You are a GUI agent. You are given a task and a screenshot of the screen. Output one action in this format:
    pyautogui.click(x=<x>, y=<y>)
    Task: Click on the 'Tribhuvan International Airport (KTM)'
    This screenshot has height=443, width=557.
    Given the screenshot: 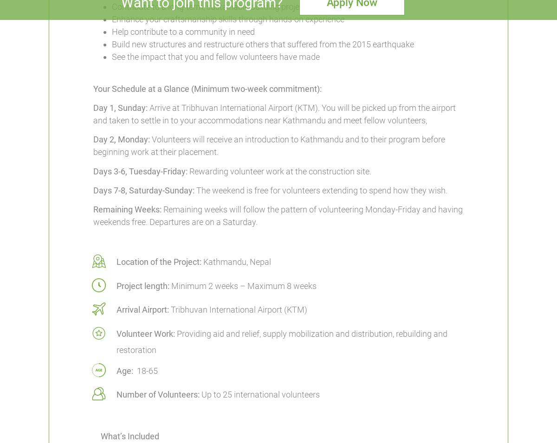 What is the action you would take?
    pyautogui.click(x=238, y=309)
    